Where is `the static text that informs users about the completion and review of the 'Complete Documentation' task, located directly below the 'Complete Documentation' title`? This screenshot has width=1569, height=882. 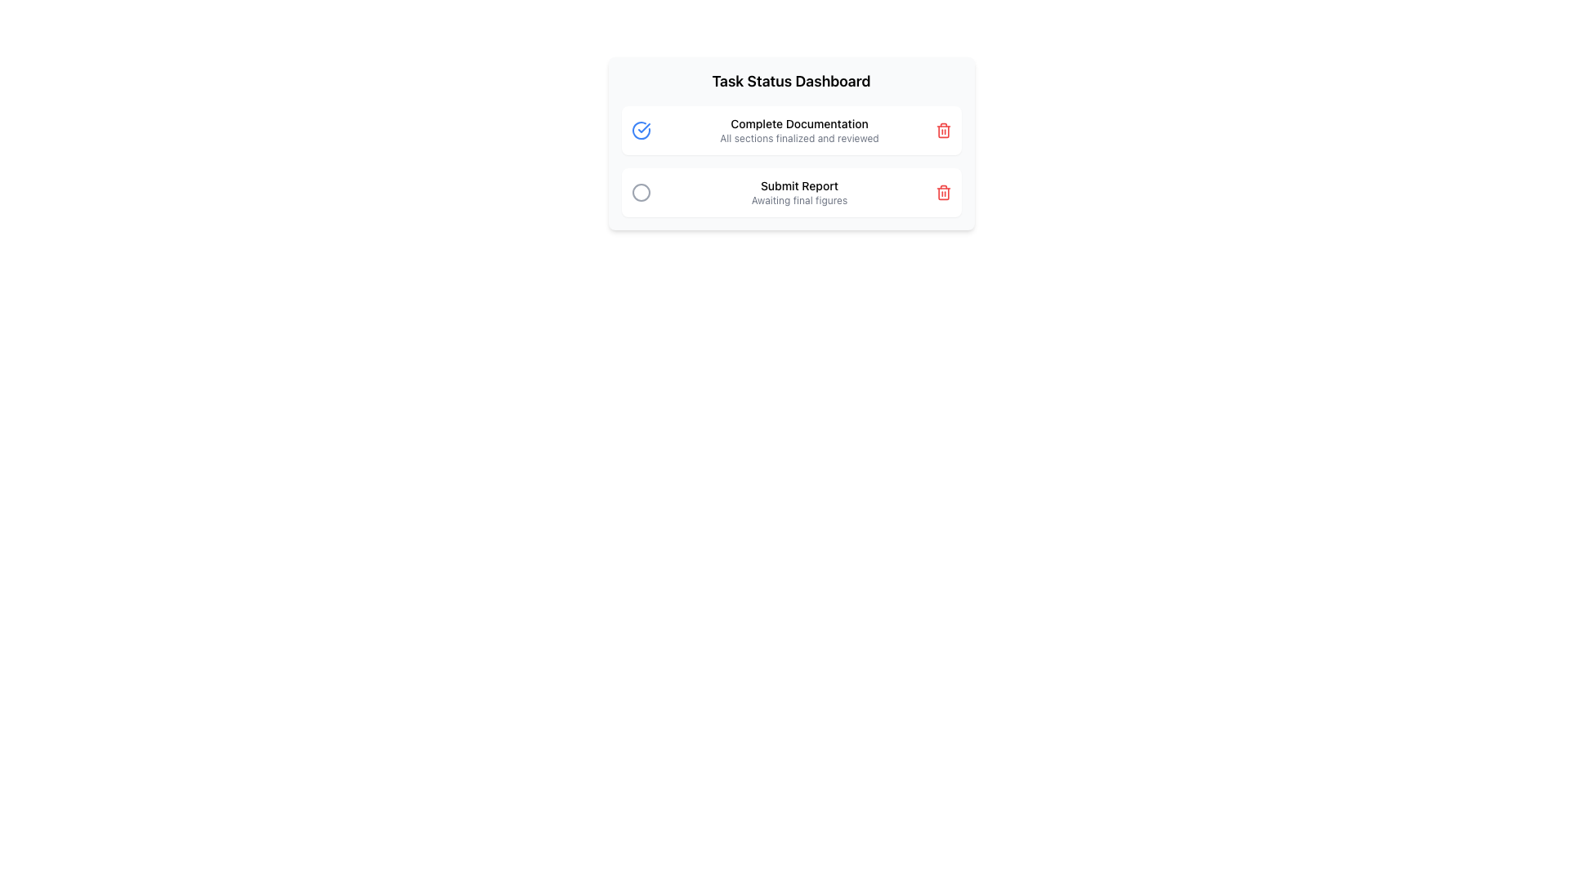
the static text that informs users about the completion and review of the 'Complete Documentation' task, located directly below the 'Complete Documentation' title is located at coordinates (799, 137).